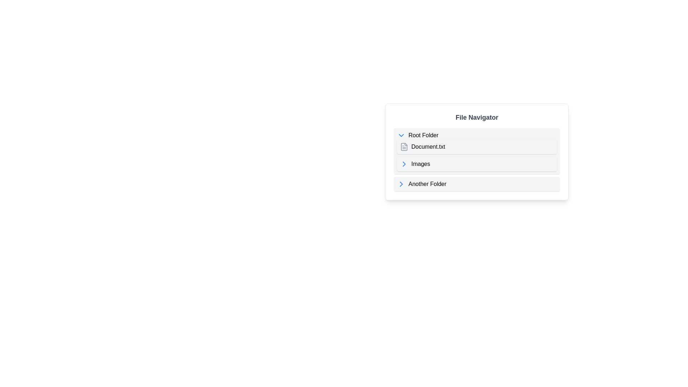  I want to click on the file icon representing 'Document.txt' located in the 'File Navigator' interface, so click(404, 146).